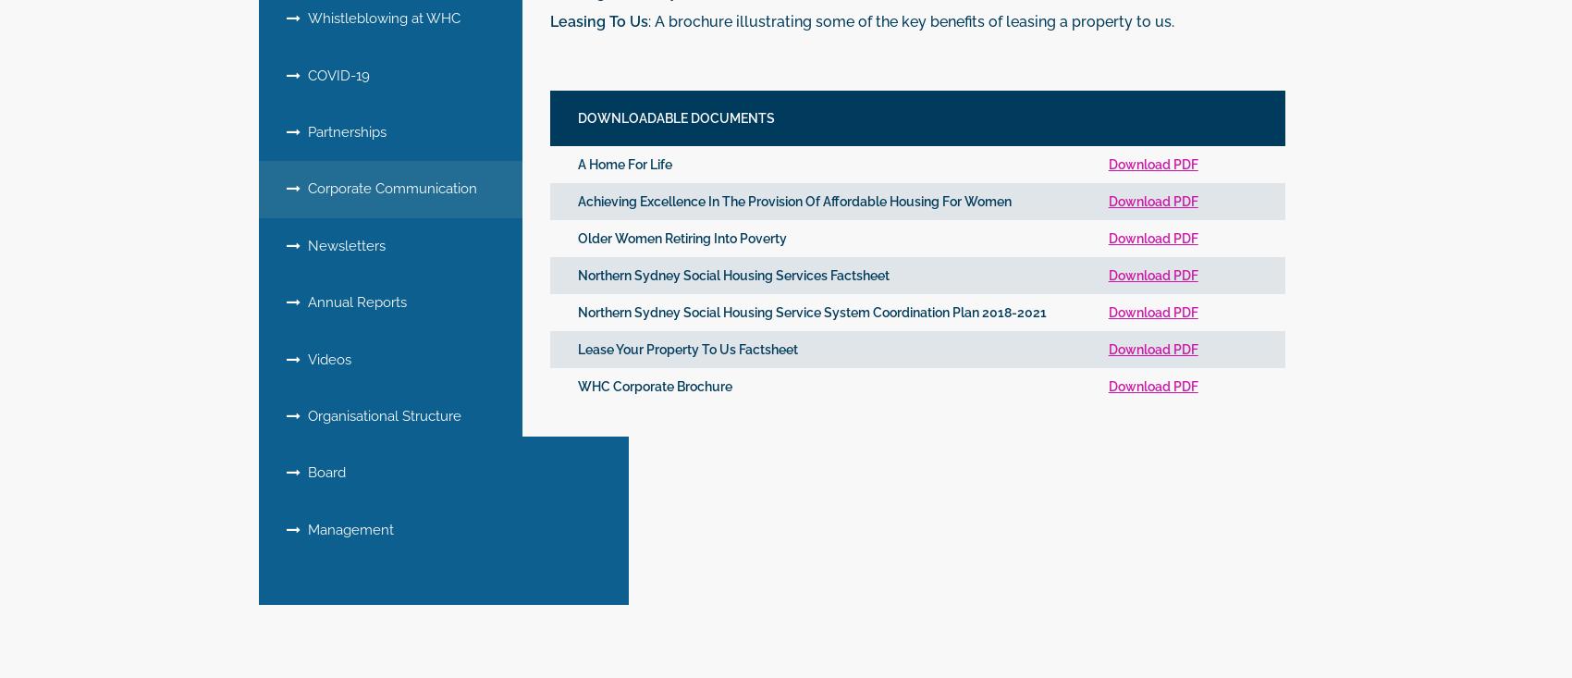 Image resolution: width=1572 pixels, height=678 pixels. Describe the element at coordinates (300, 414) in the screenshot. I see `'Organisational Structure'` at that location.